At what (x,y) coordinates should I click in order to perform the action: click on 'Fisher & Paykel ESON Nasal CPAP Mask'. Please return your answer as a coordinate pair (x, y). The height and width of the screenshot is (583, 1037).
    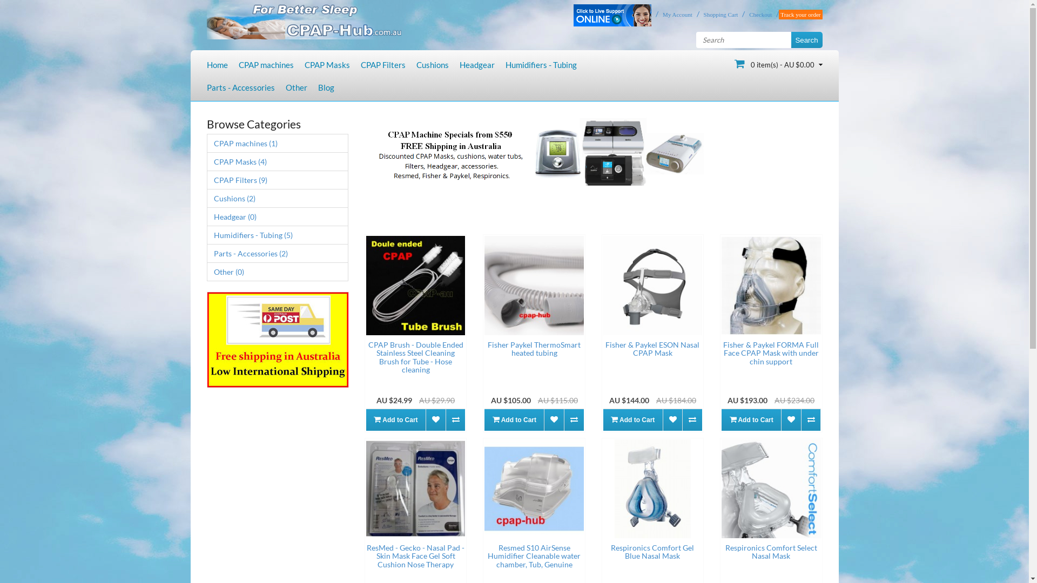
    Looking at the image, I should click on (652, 348).